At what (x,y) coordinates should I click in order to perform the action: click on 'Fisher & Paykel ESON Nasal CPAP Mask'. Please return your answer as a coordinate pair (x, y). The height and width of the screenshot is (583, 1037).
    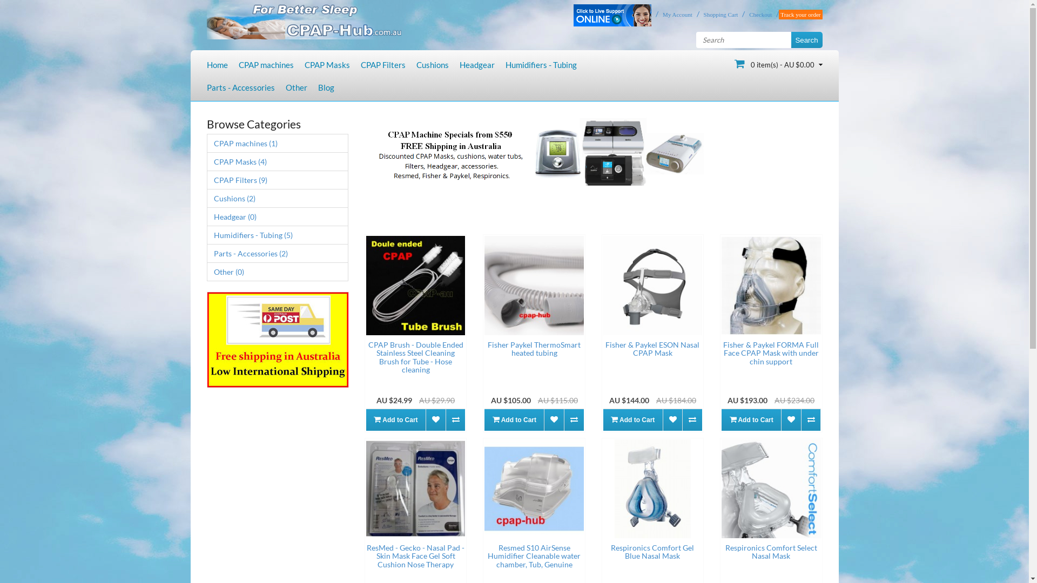
    Looking at the image, I should click on (652, 348).